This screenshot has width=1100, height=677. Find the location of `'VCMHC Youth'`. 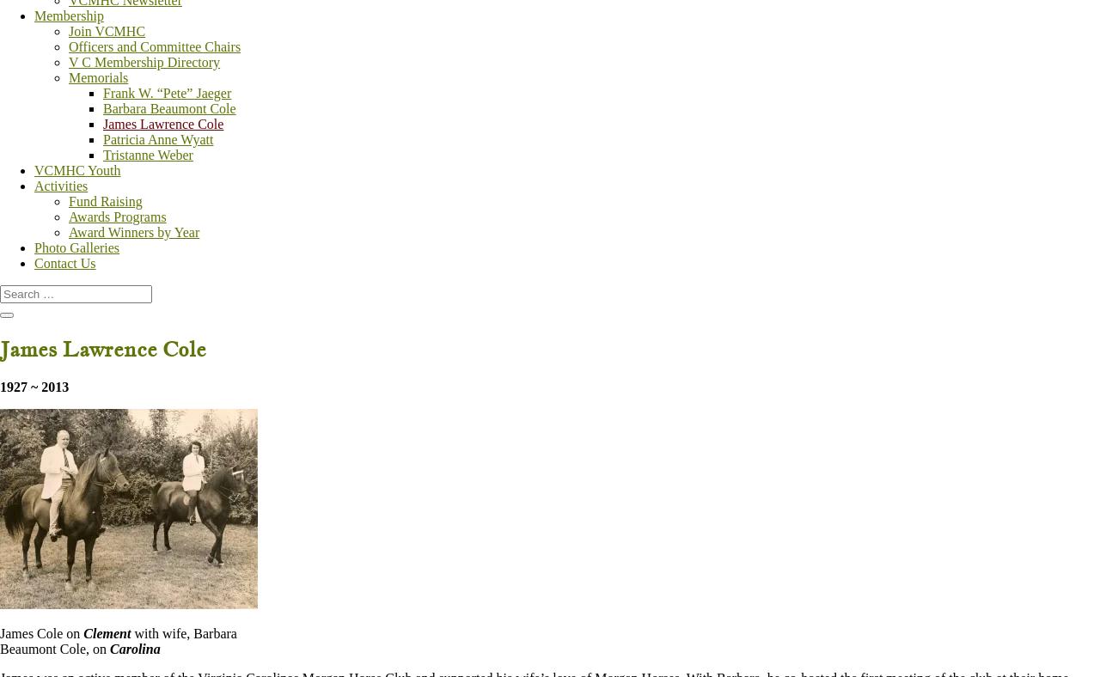

'VCMHC Youth' is located at coordinates (34, 169).